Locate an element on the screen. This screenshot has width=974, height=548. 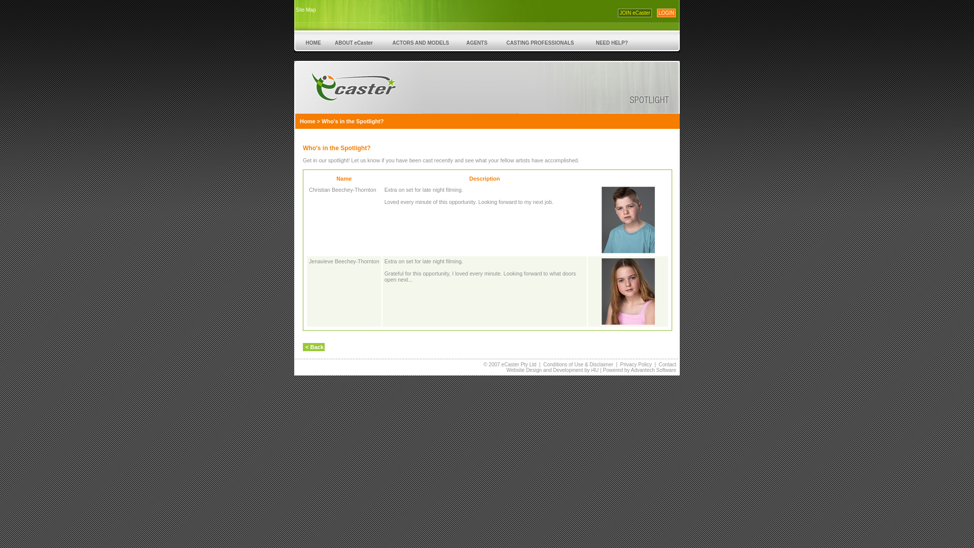
'Jenavieve Beechey-Thornton' is located at coordinates (344, 261).